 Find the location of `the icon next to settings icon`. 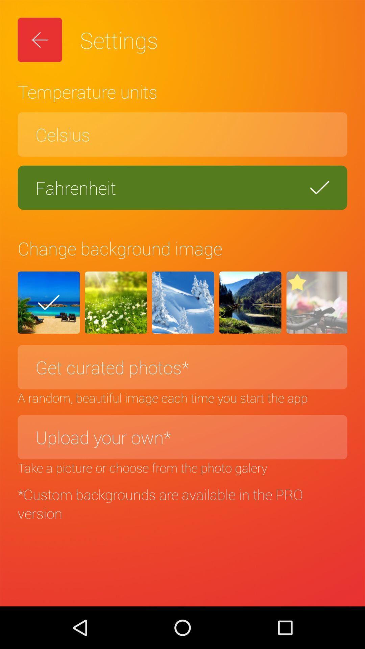

the icon next to settings icon is located at coordinates (40, 40).